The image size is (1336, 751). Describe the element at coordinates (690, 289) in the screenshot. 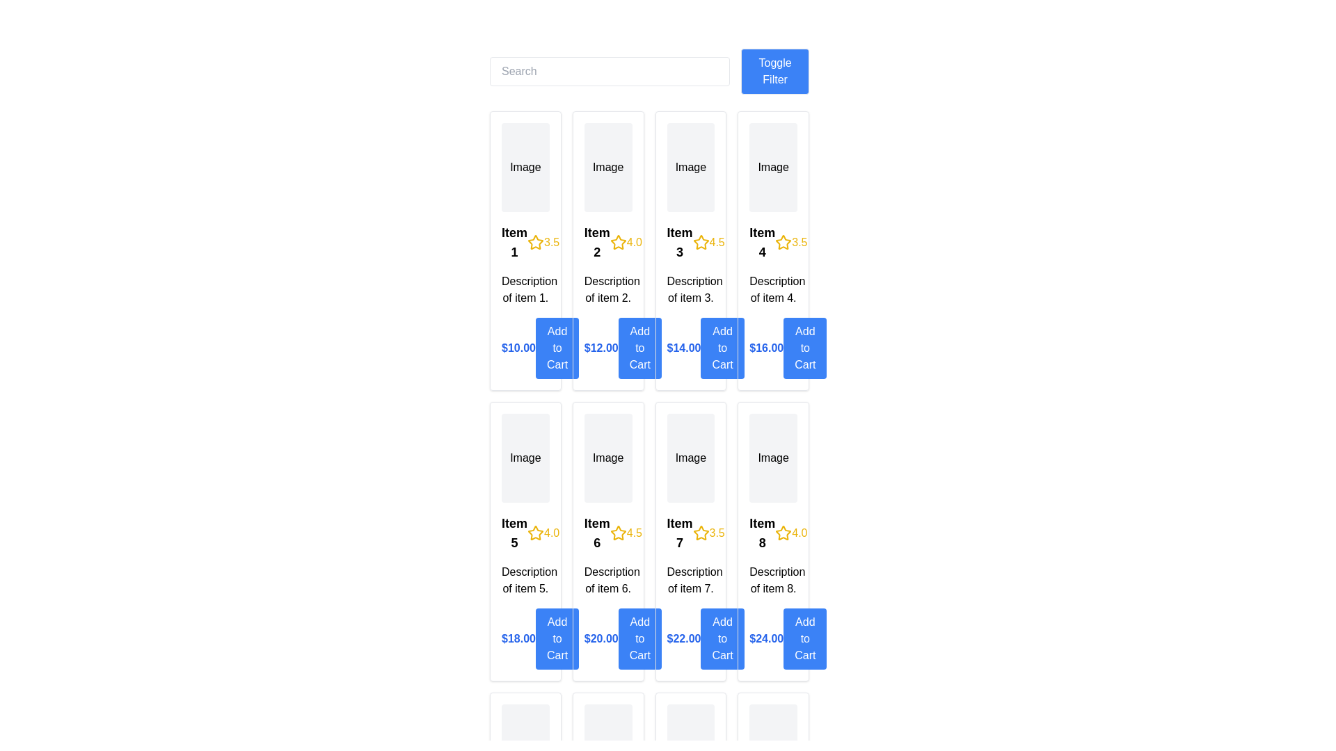

I see `the descriptive text label for 'Item 3' which is located beneath the title and rating, and above the price and button in the item card layout` at that location.